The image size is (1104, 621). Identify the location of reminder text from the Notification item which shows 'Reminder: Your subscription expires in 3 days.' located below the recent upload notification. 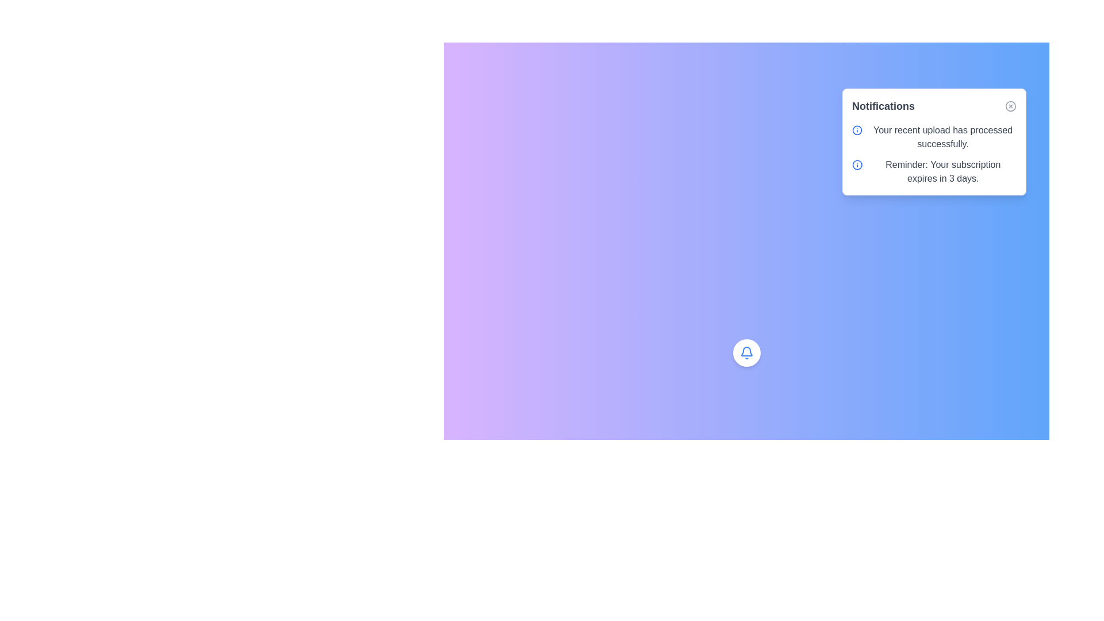
(934, 172).